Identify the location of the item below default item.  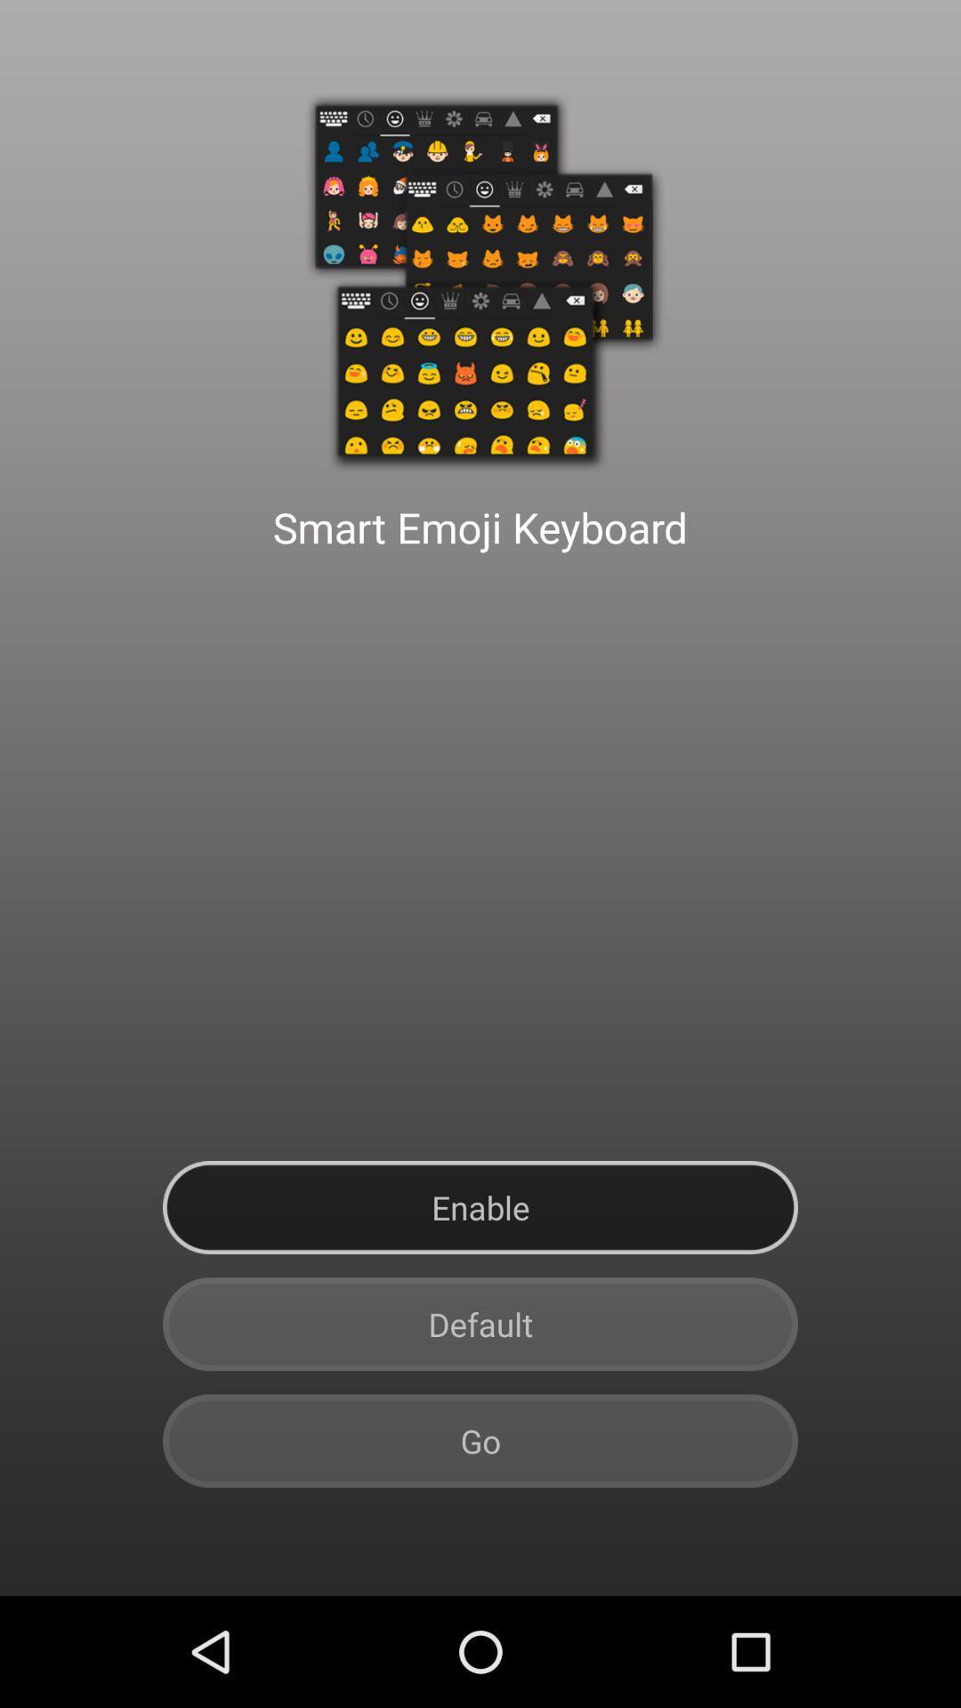
(480, 1441).